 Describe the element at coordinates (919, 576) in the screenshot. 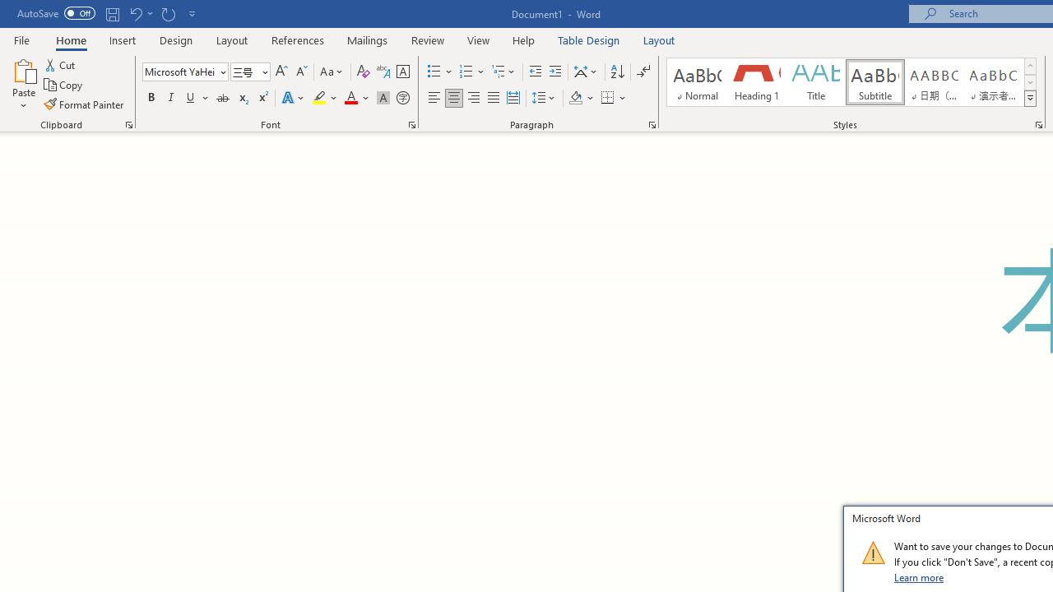

I see `'Learn more'` at that location.